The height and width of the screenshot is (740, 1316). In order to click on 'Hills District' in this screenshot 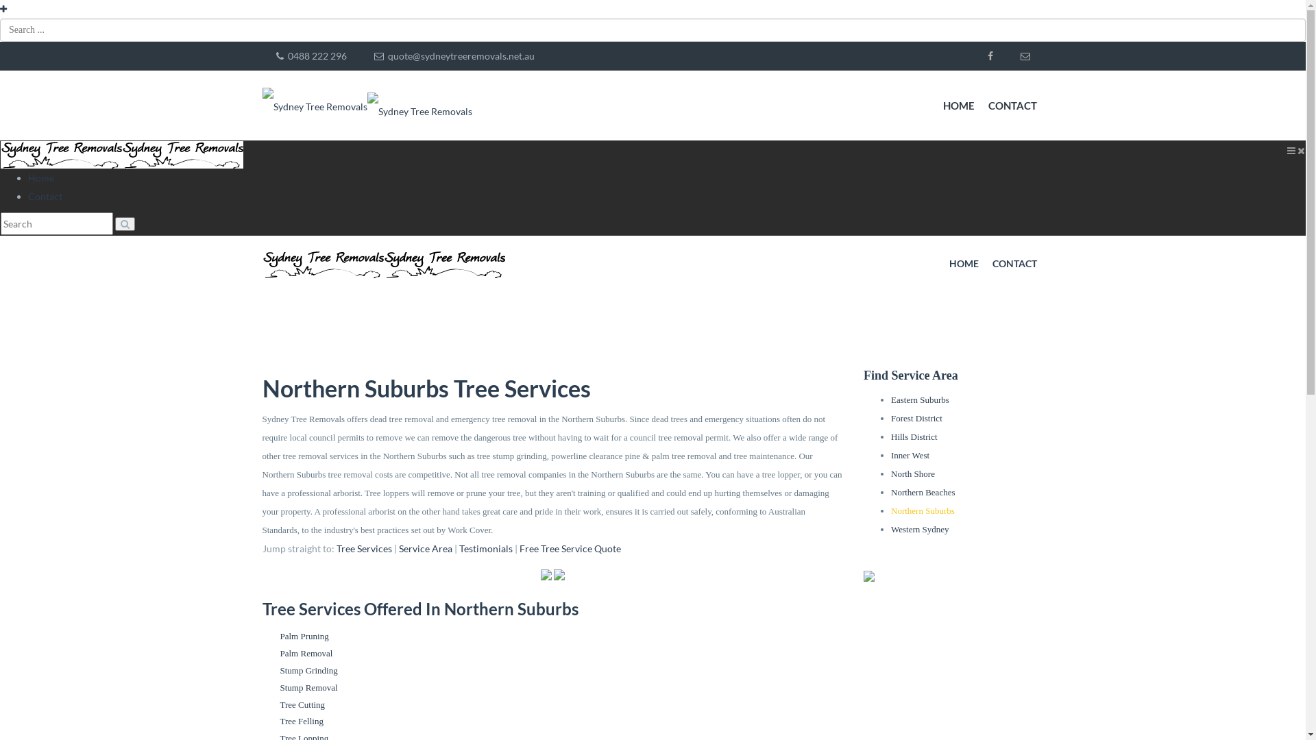, I will do `click(914, 436)`.